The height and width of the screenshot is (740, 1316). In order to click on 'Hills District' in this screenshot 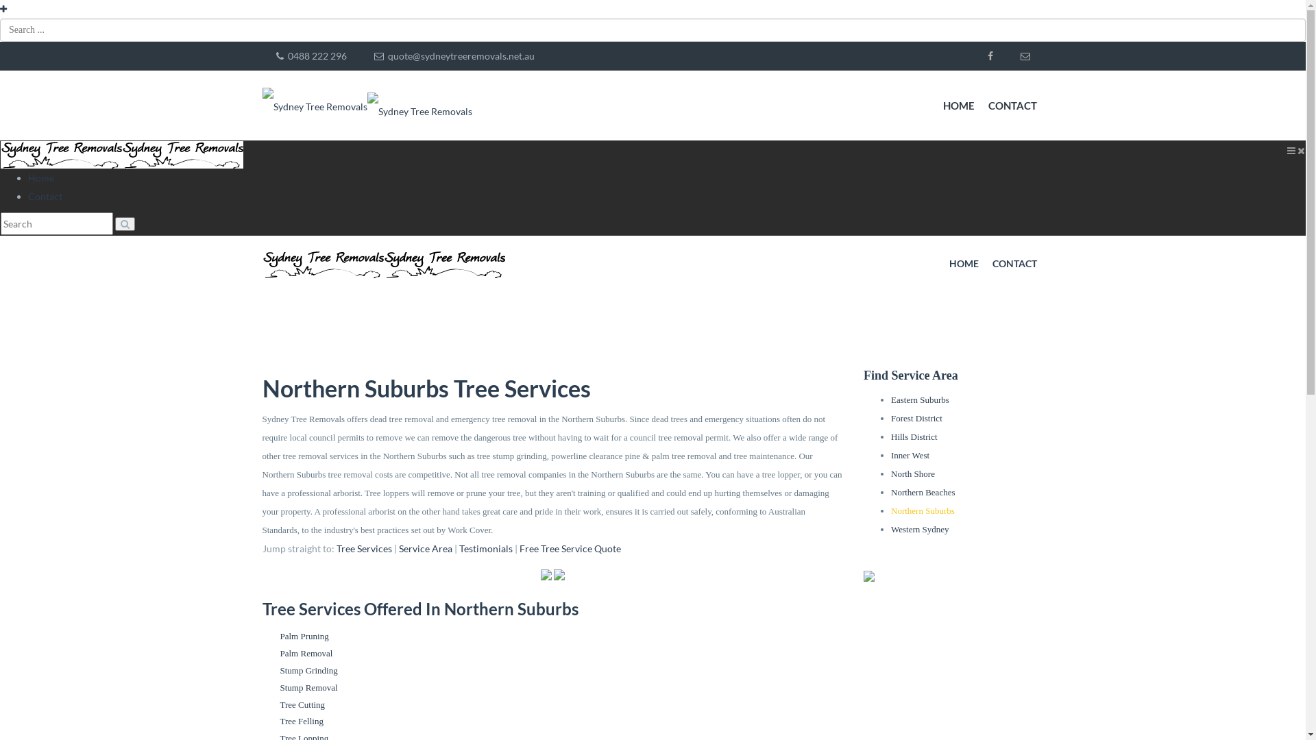, I will do `click(914, 436)`.